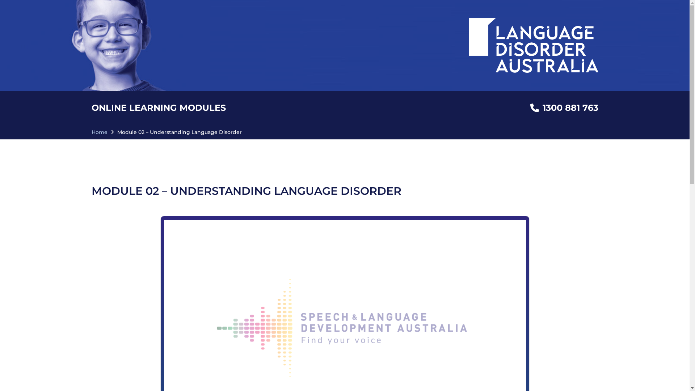  Describe the element at coordinates (564, 108) in the screenshot. I see `'1300 881 763'` at that location.